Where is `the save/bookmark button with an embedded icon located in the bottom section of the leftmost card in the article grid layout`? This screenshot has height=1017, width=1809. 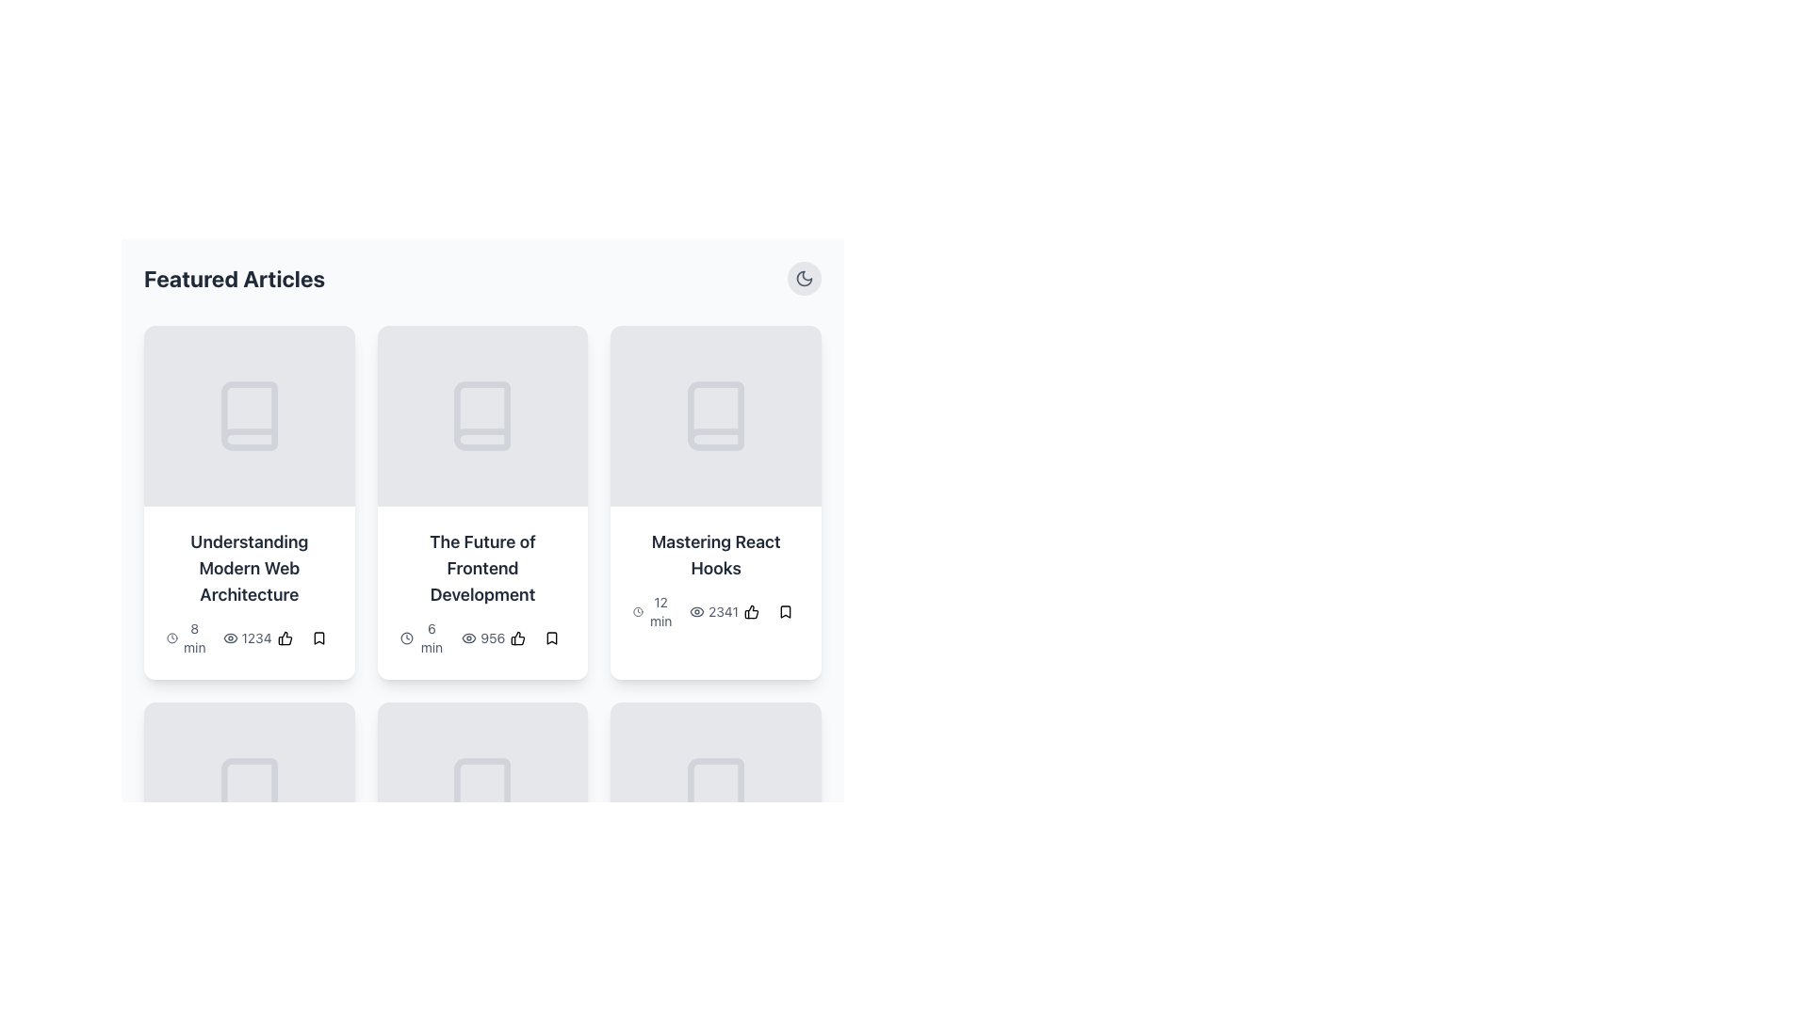 the save/bookmark button with an embedded icon located in the bottom section of the leftmost card in the article grid layout is located at coordinates (318, 638).